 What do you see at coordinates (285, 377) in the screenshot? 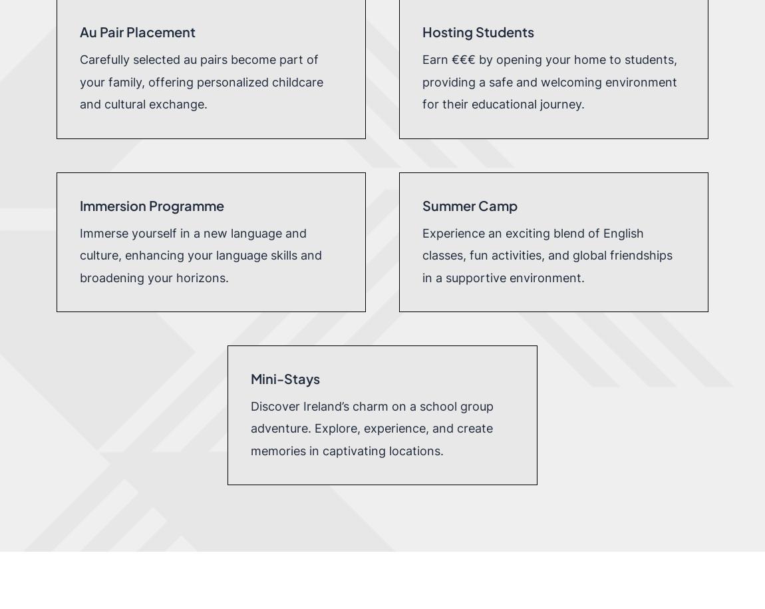
I see `'Mini-Stays'` at bounding box center [285, 377].